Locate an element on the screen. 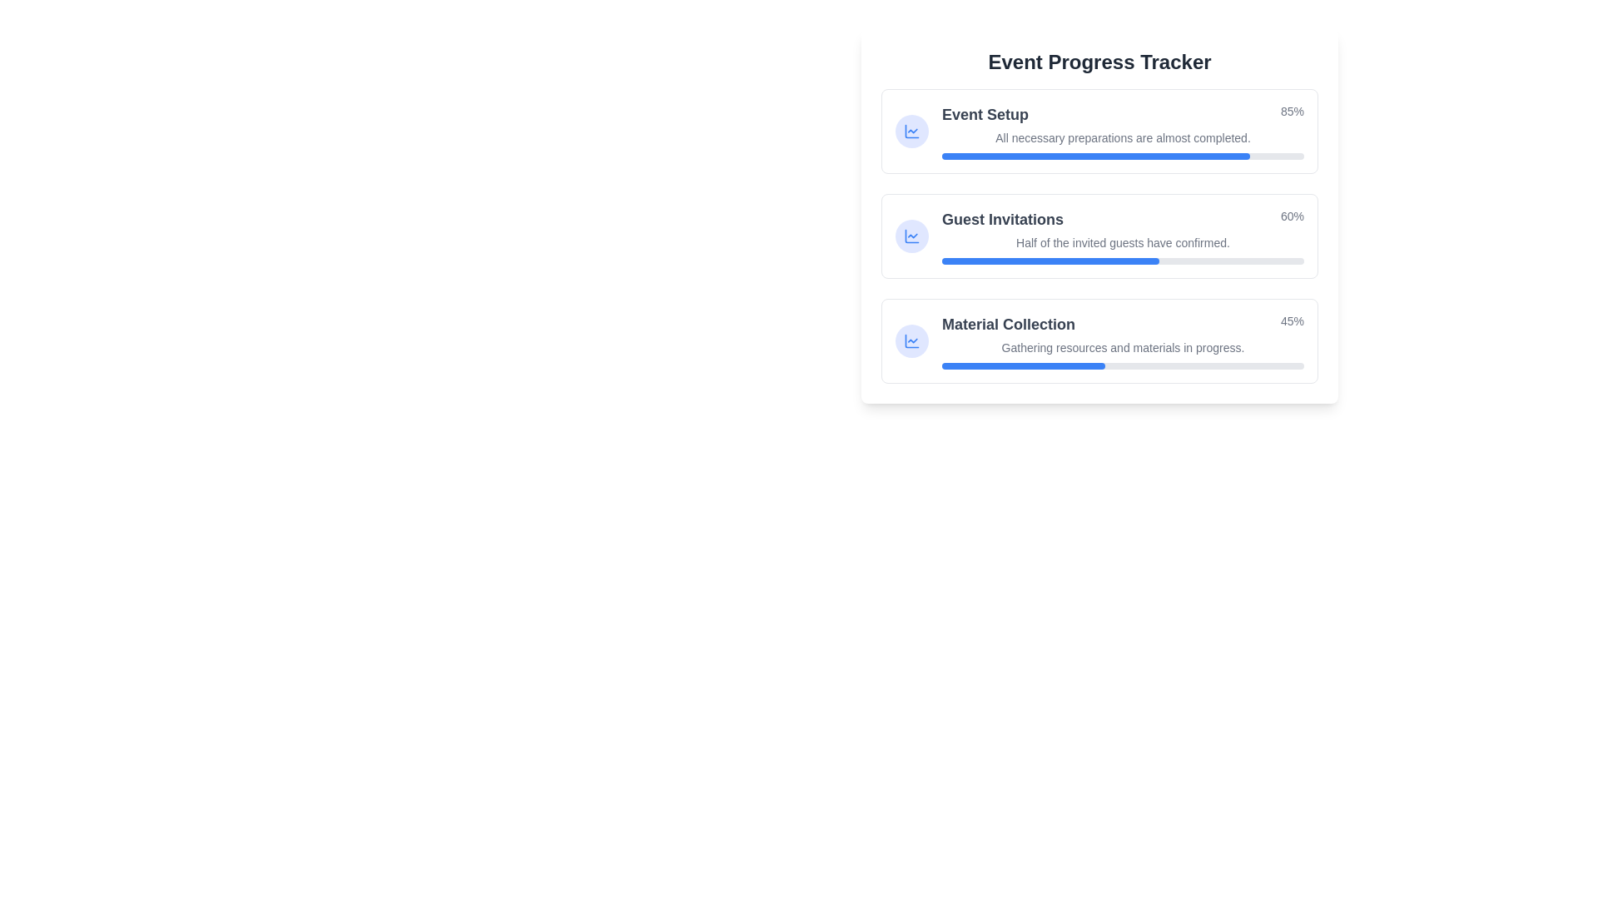 This screenshot has height=899, width=1598. text label displaying 'Material Collection' which is styled in bold and gray color, located in the center-left of the third progress tracker row is located at coordinates (1008, 324).